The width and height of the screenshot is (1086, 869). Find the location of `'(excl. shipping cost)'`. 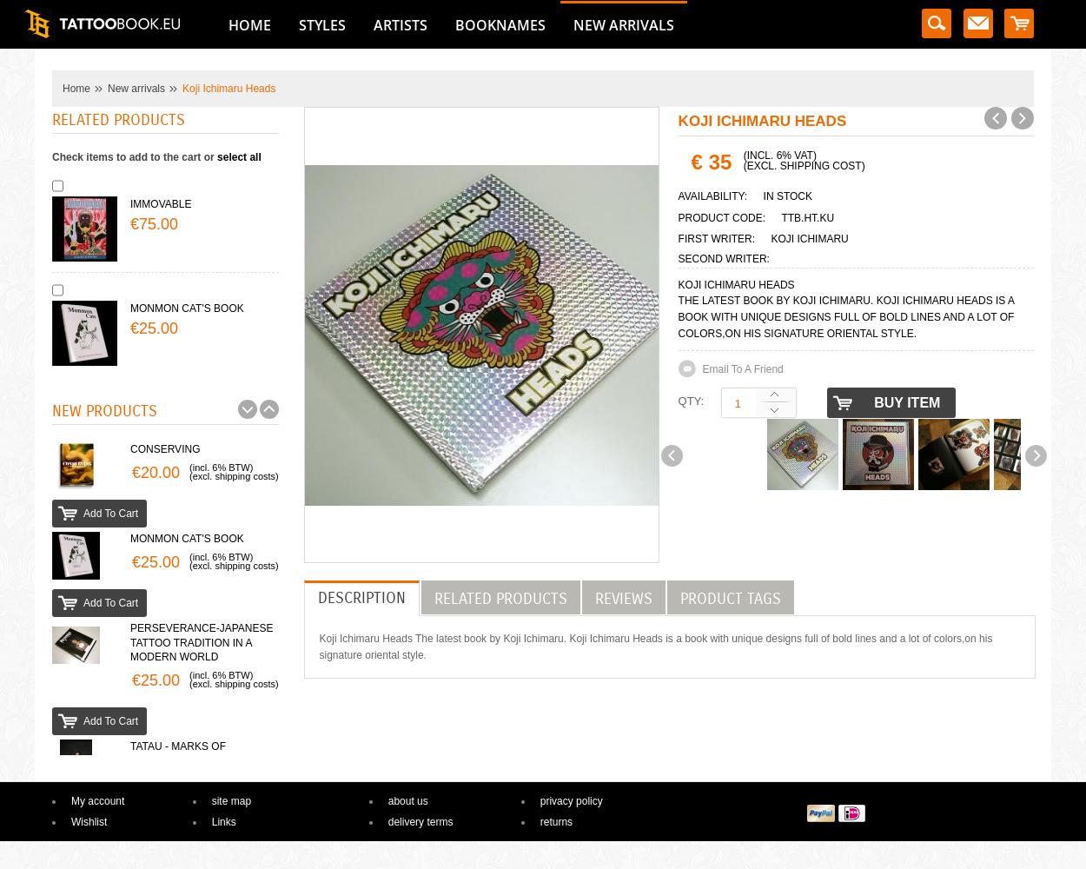

'(excl. shipping cost)' is located at coordinates (804, 165).